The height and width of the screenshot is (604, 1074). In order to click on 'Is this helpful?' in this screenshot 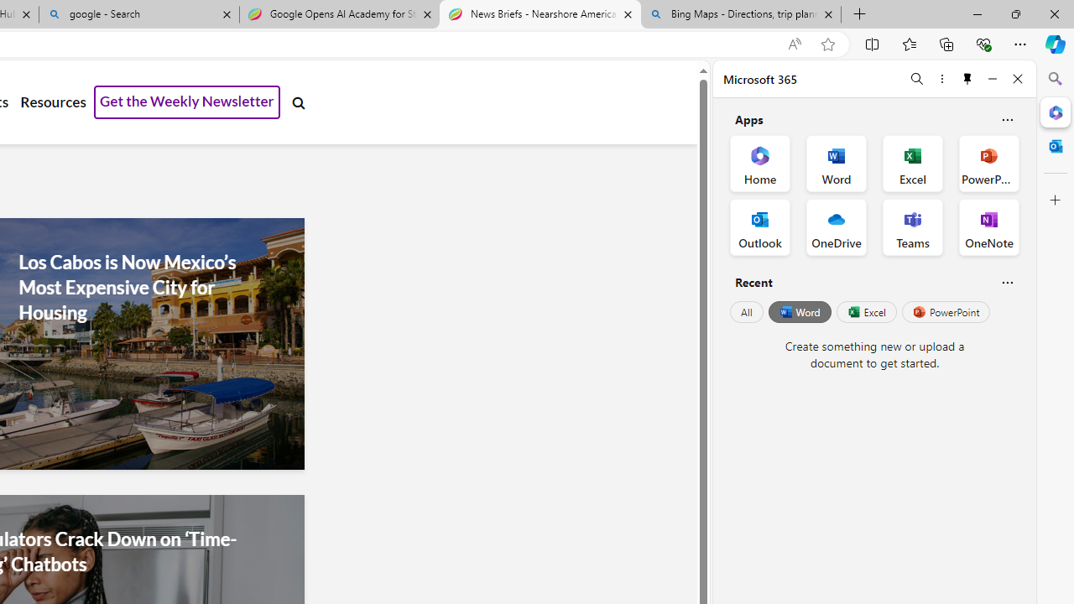, I will do `click(1007, 281)`.